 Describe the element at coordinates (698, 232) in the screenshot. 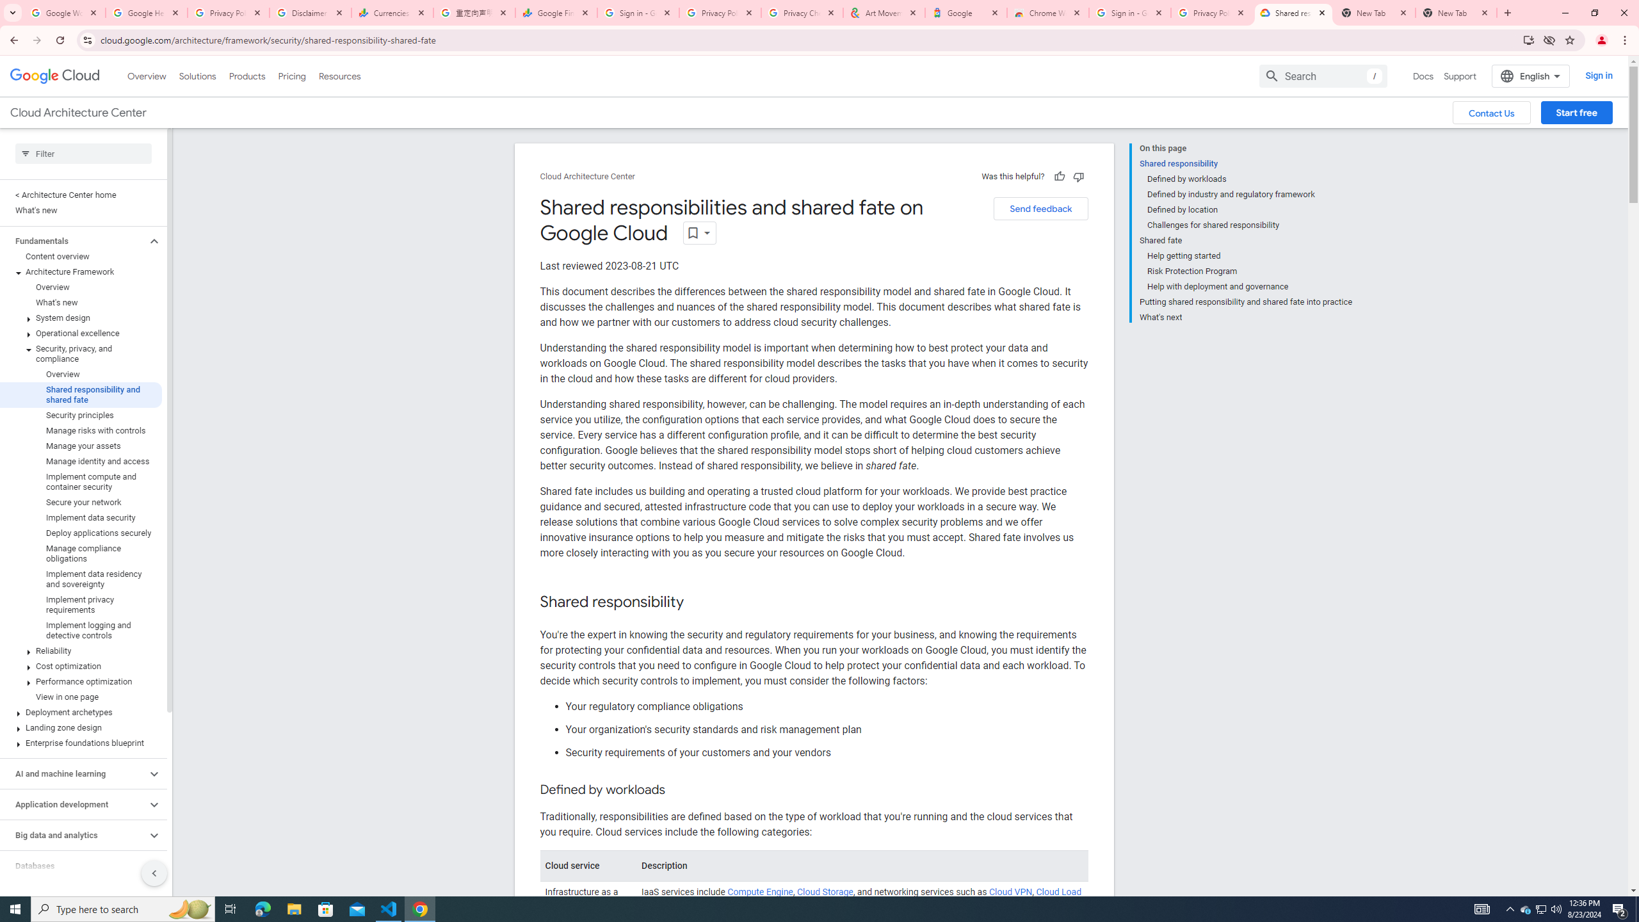

I see `'Open dropdown'` at that location.